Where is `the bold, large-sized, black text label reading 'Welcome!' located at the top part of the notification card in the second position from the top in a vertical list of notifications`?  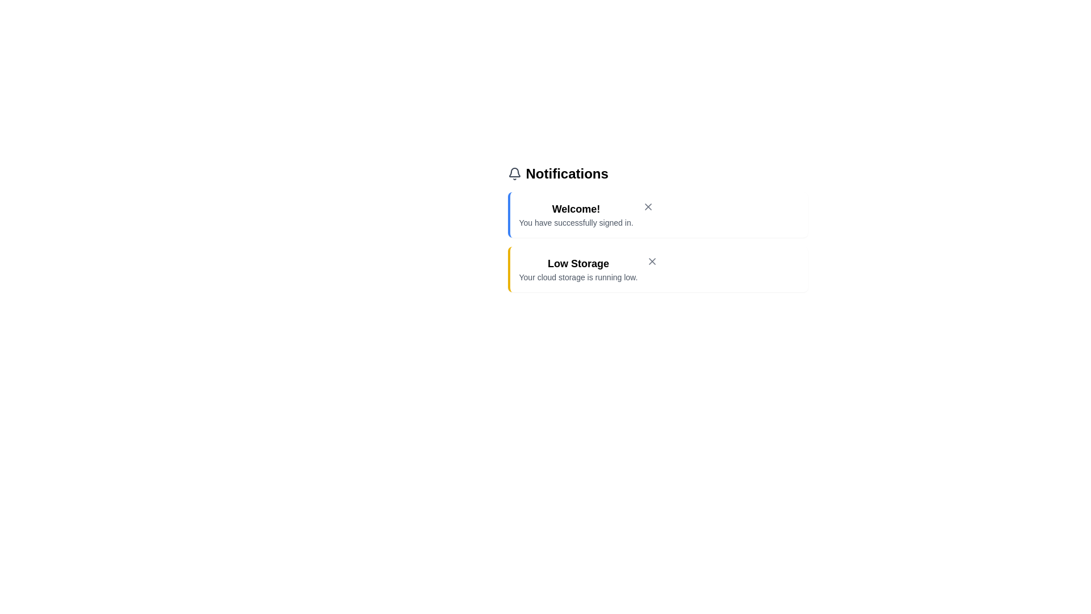
the bold, large-sized, black text label reading 'Welcome!' located at the top part of the notification card in the second position from the top in a vertical list of notifications is located at coordinates (576, 209).